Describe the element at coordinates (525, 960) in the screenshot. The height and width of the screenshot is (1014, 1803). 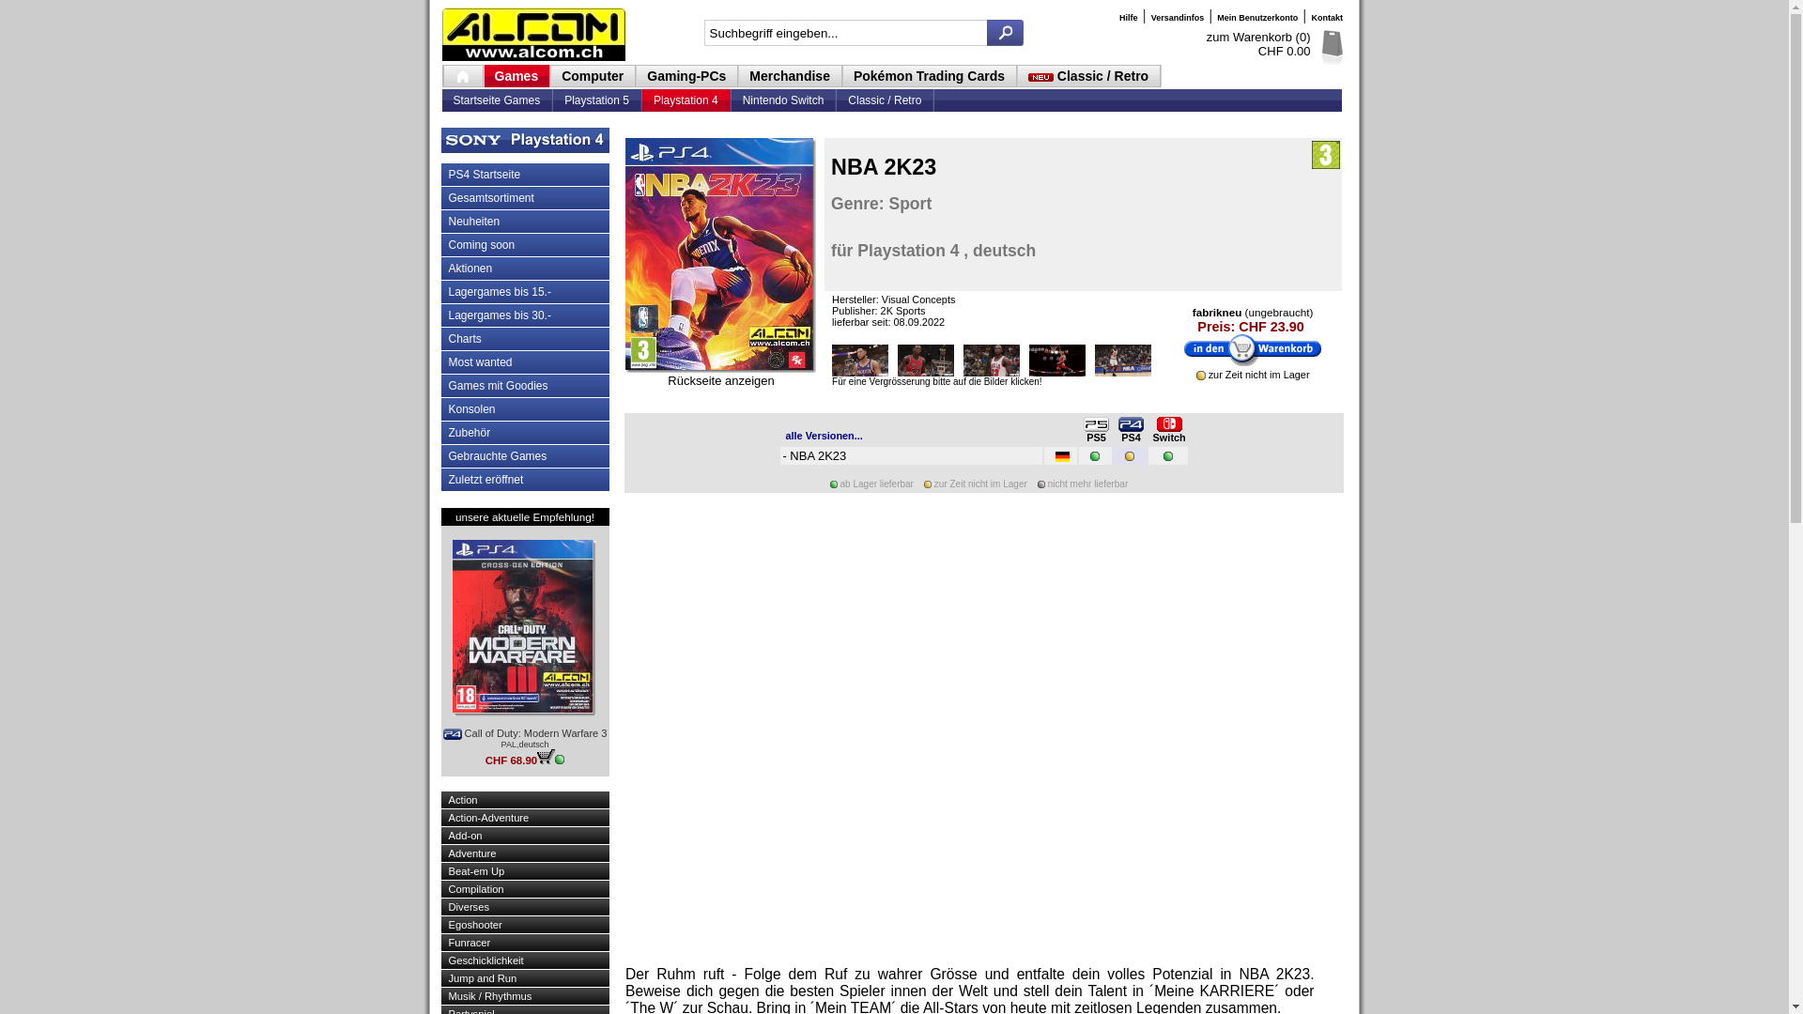
I see `'Geschicklichkeit'` at that location.